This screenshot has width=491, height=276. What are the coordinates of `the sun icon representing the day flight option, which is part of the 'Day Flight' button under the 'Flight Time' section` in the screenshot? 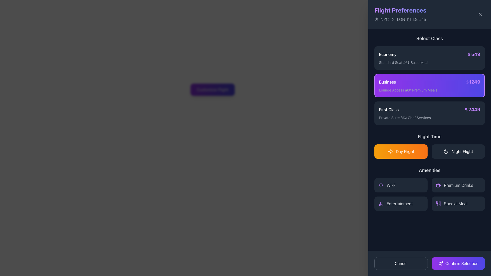 It's located at (390, 151).